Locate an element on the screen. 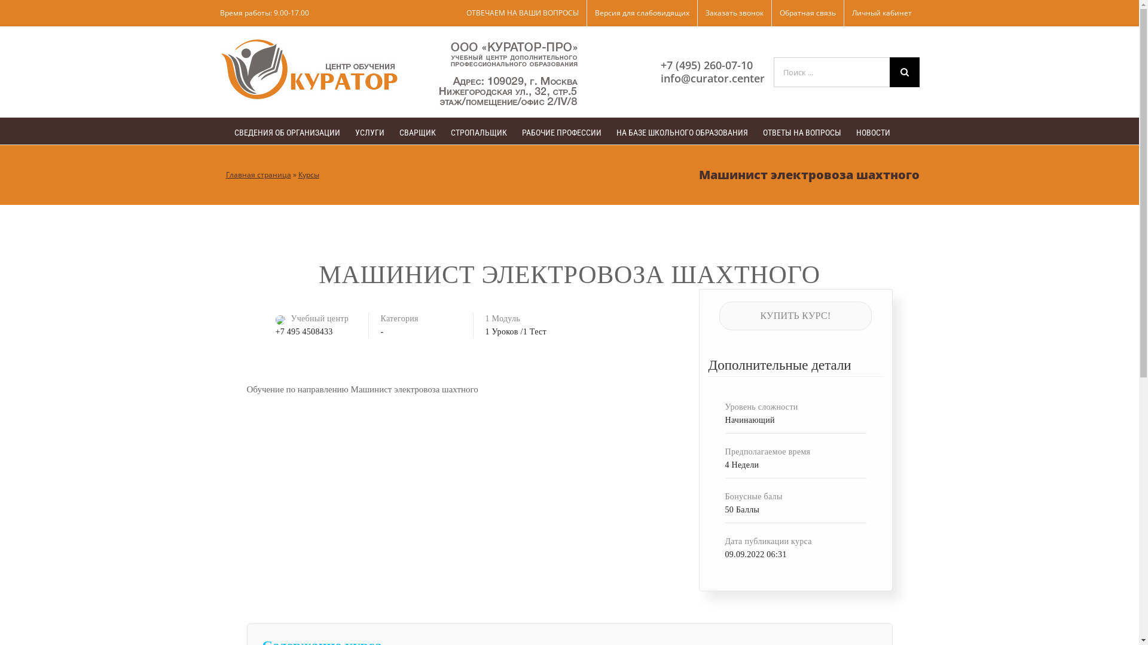  '+7 (495) 260-07-10' is located at coordinates (660, 64).